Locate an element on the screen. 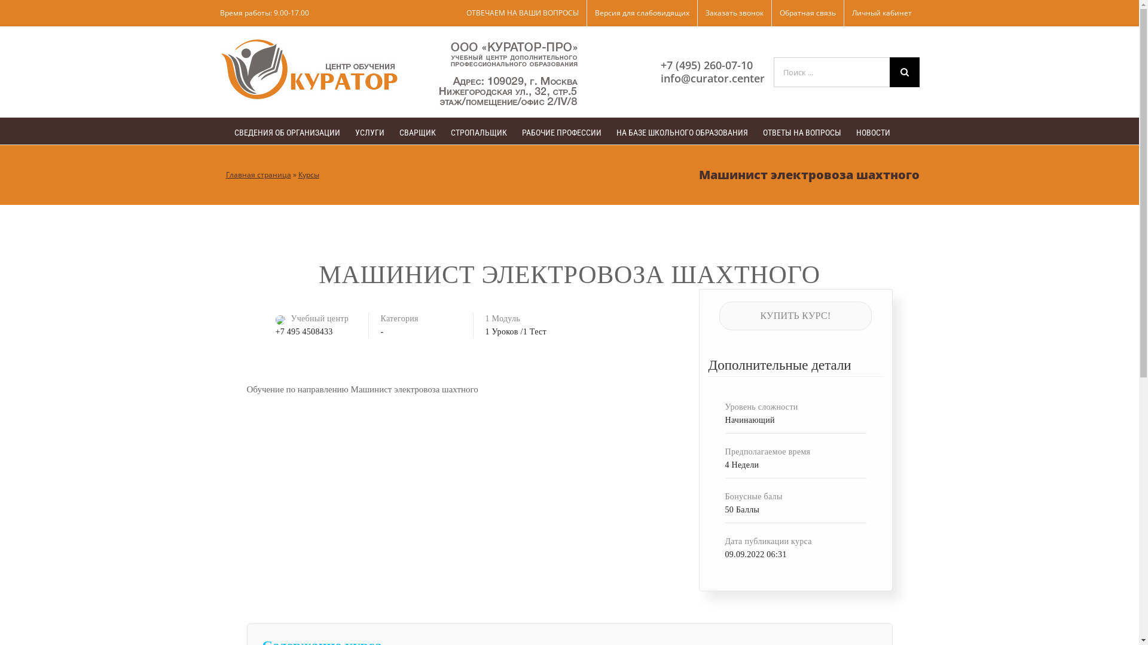  '+7 (495) 260-07-10' is located at coordinates (660, 64).